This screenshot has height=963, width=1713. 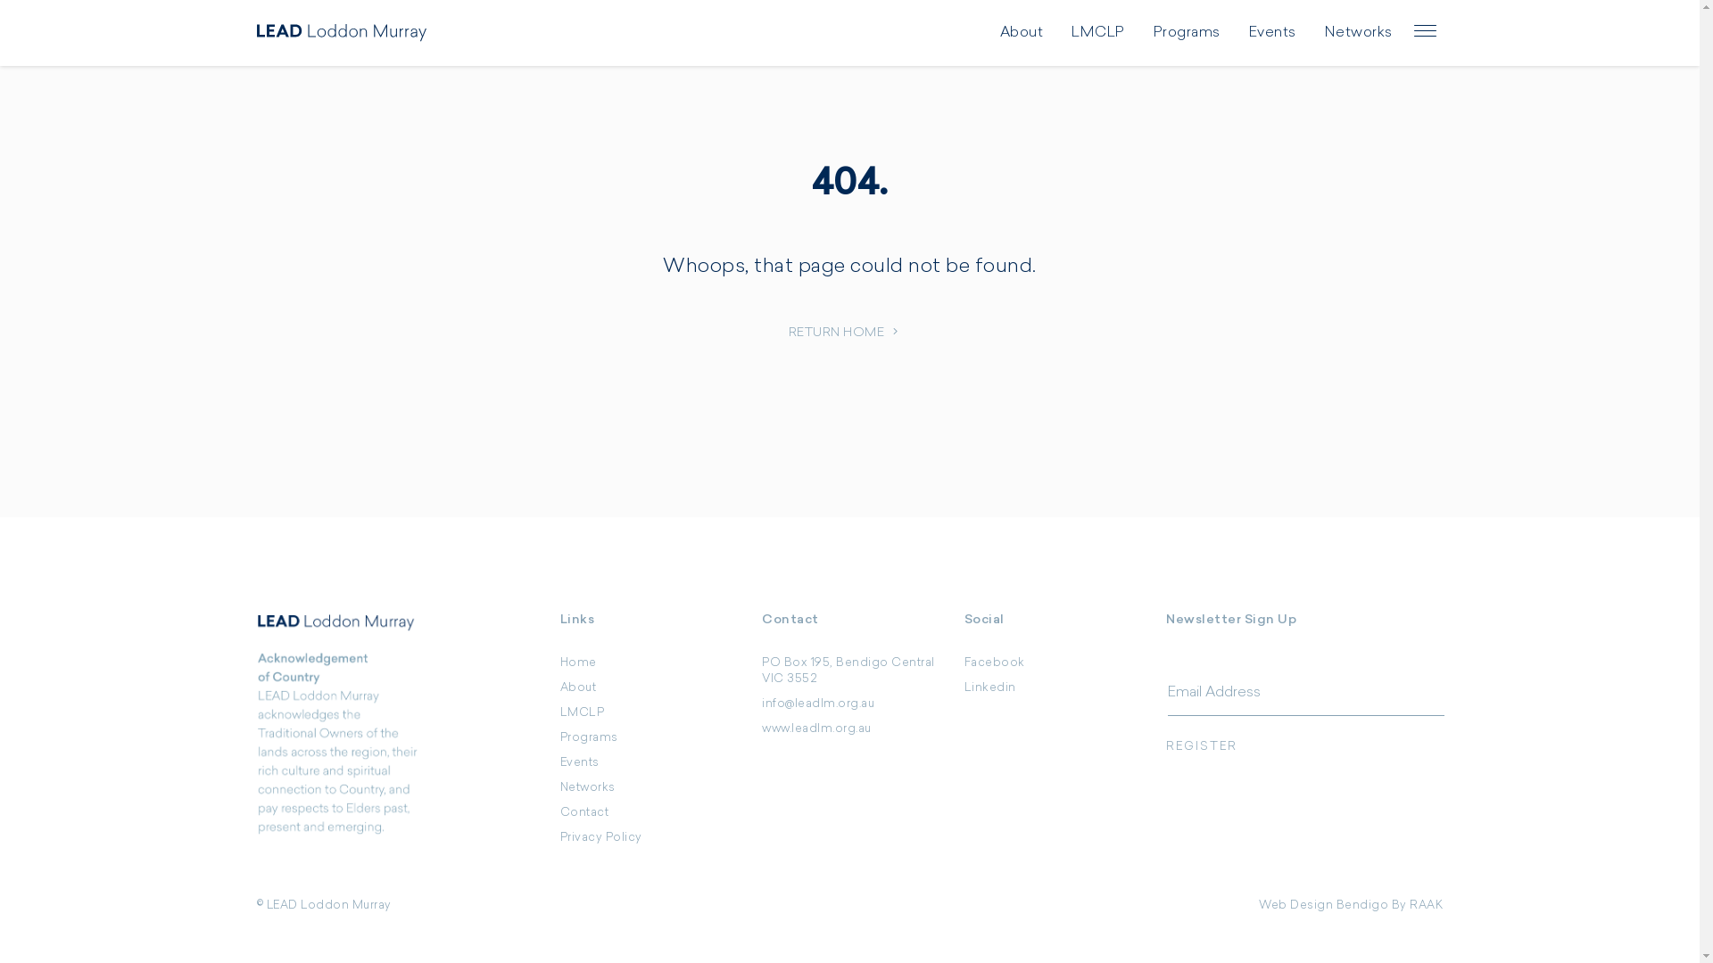 I want to click on 'Networks', so click(x=587, y=786).